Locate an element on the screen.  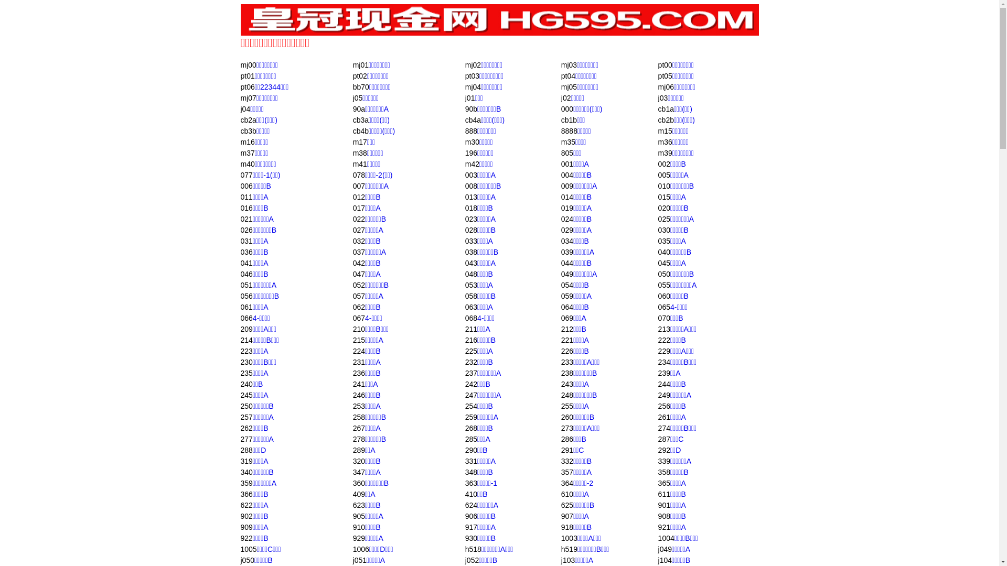
'237' is located at coordinates (465, 373).